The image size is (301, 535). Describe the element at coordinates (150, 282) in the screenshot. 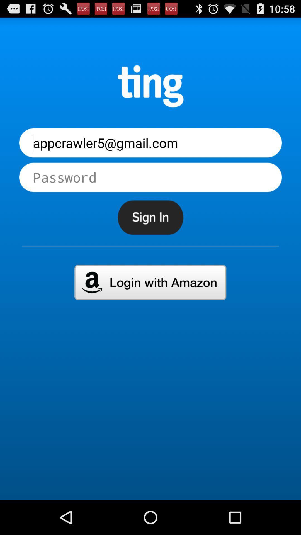

I see `interactive login key` at that location.